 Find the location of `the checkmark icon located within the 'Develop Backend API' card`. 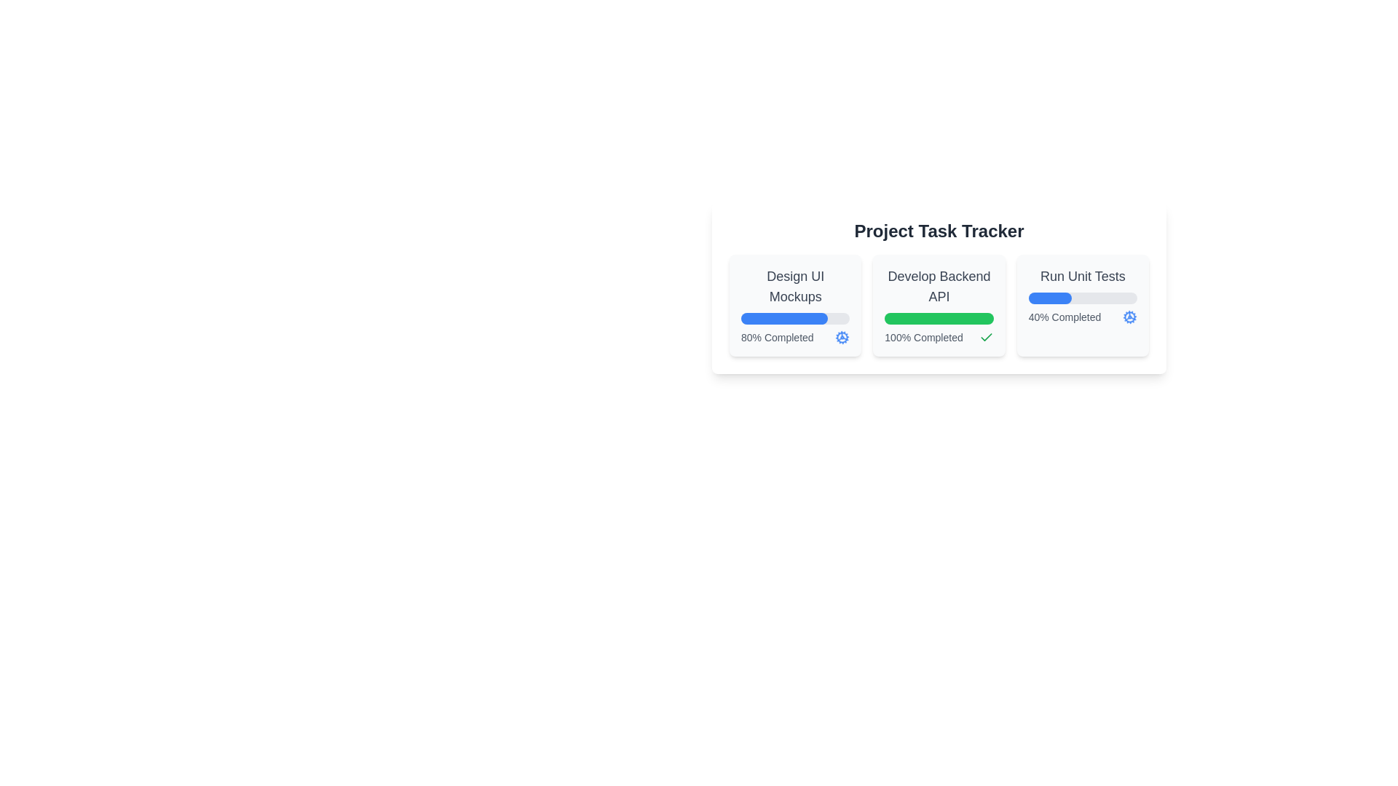

the checkmark icon located within the 'Develop Backend API' card is located at coordinates (985, 337).